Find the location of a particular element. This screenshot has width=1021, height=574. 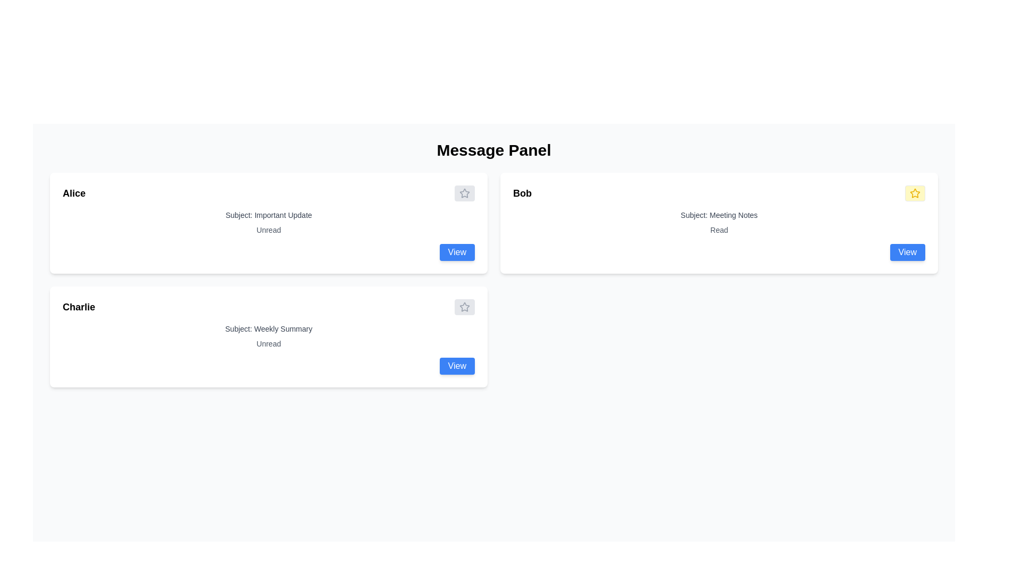

the non-interactive text label 'Read' located within the box labeled 'Bob', positioned below 'Subject: Meeting Notes' and above the 'View' button is located at coordinates (719, 229).